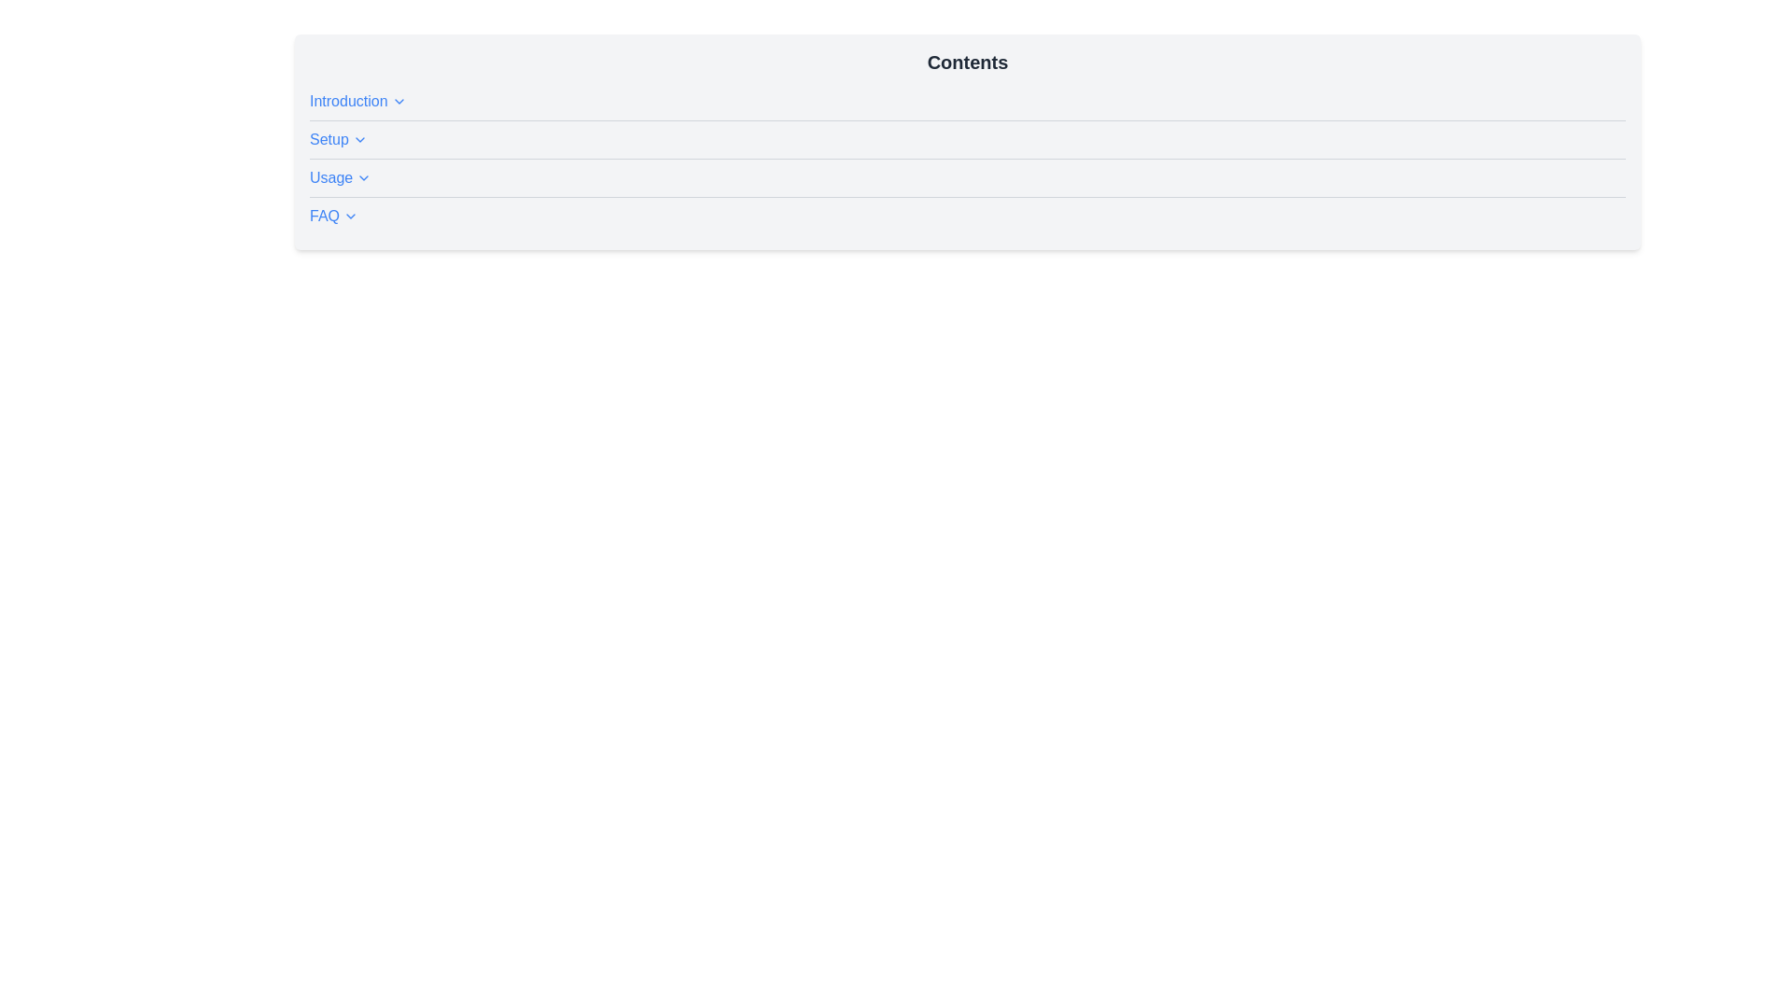  What do you see at coordinates (967, 138) in the screenshot?
I see `the hyperlink that navigates to the 'Setup' section, located as the second entry in the 'Contents' list between 'Introduction' and 'Usage'` at bounding box center [967, 138].